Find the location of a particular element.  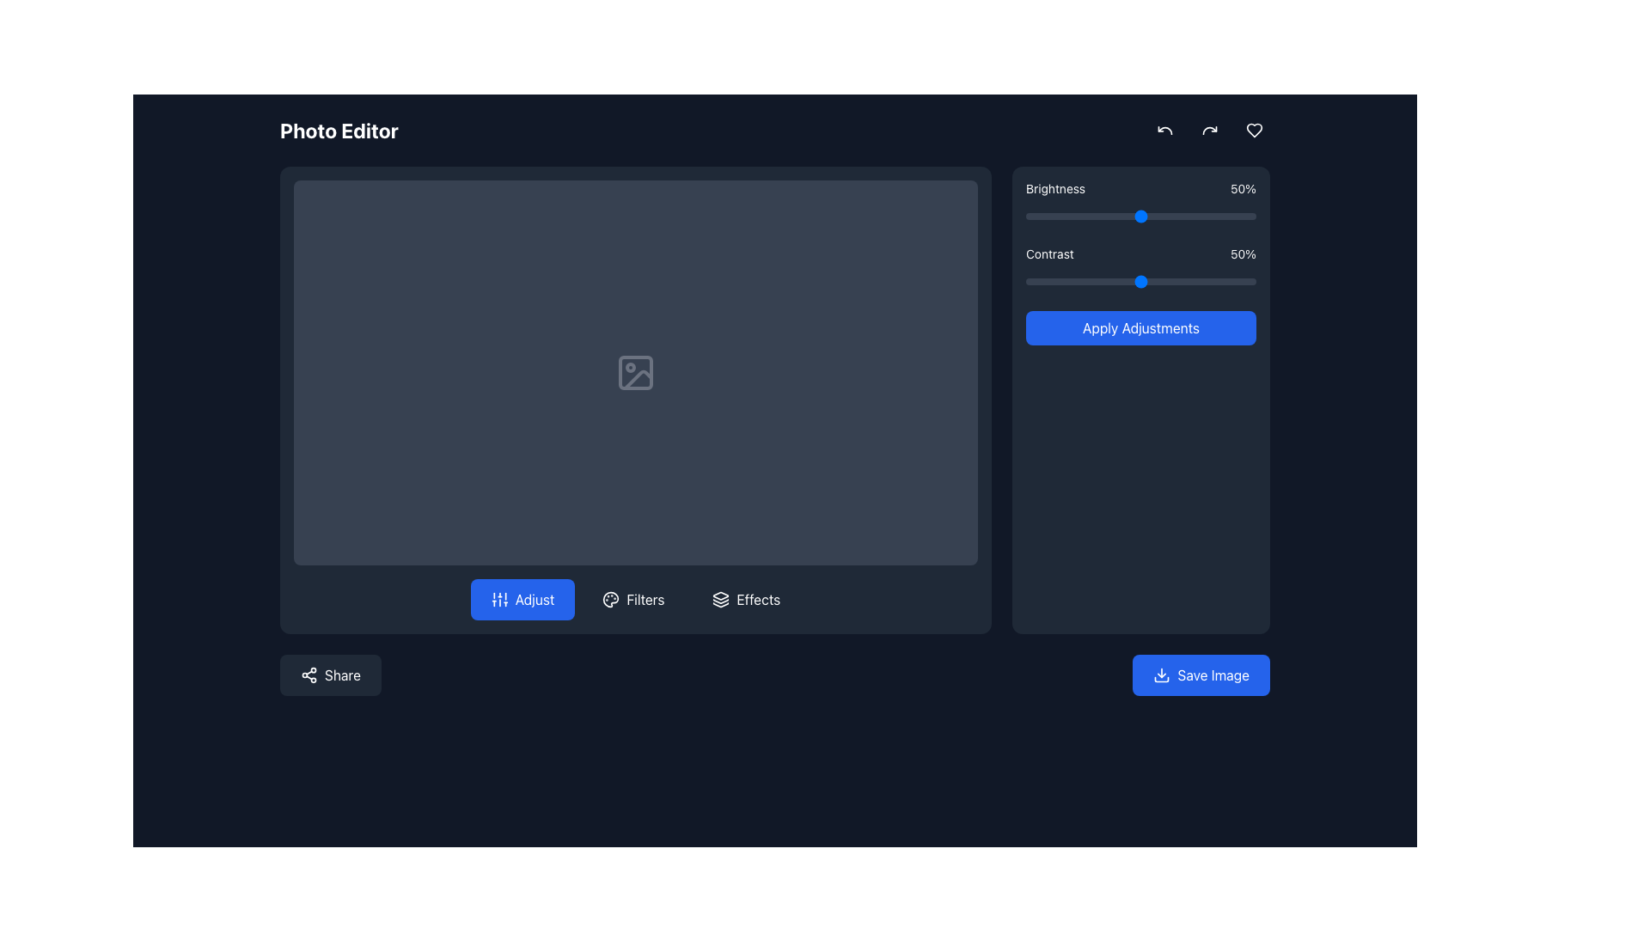

the 'Share' button located at the bottom left corner of the interface, which has a dark gray background and features a share symbol icon is located at coordinates (330, 674).